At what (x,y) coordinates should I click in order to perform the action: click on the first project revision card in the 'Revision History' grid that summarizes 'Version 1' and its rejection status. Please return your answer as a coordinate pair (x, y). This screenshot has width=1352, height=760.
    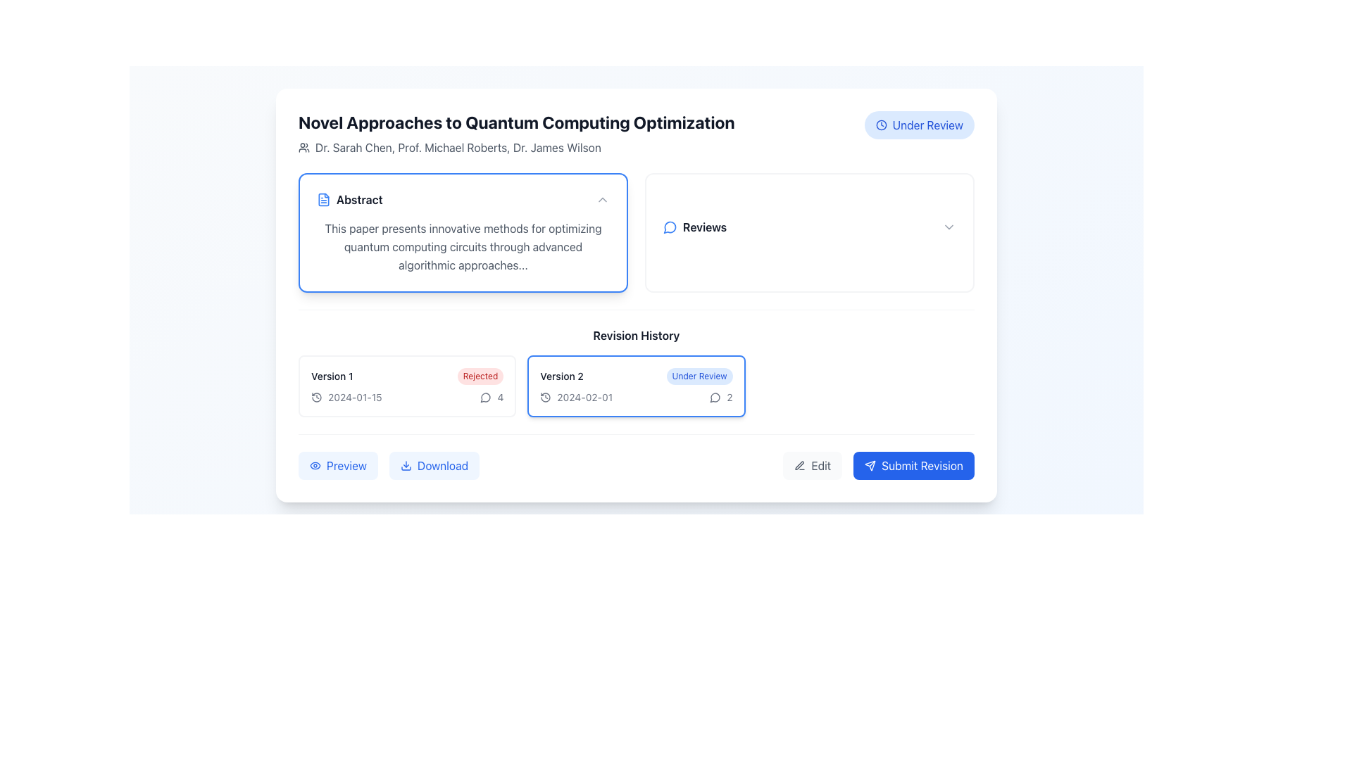
    Looking at the image, I should click on (406, 386).